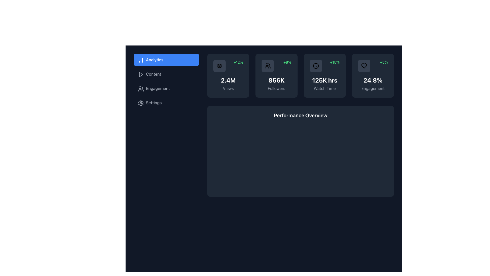 Image resolution: width=490 pixels, height=276 pixels. Describe the element at coordinates (238, 62) in the screenshot. I see `text label displaying '+12%' in green color with a bold font, located in the top-right part of the dashboard card, to understand the information it conveys` at that location.